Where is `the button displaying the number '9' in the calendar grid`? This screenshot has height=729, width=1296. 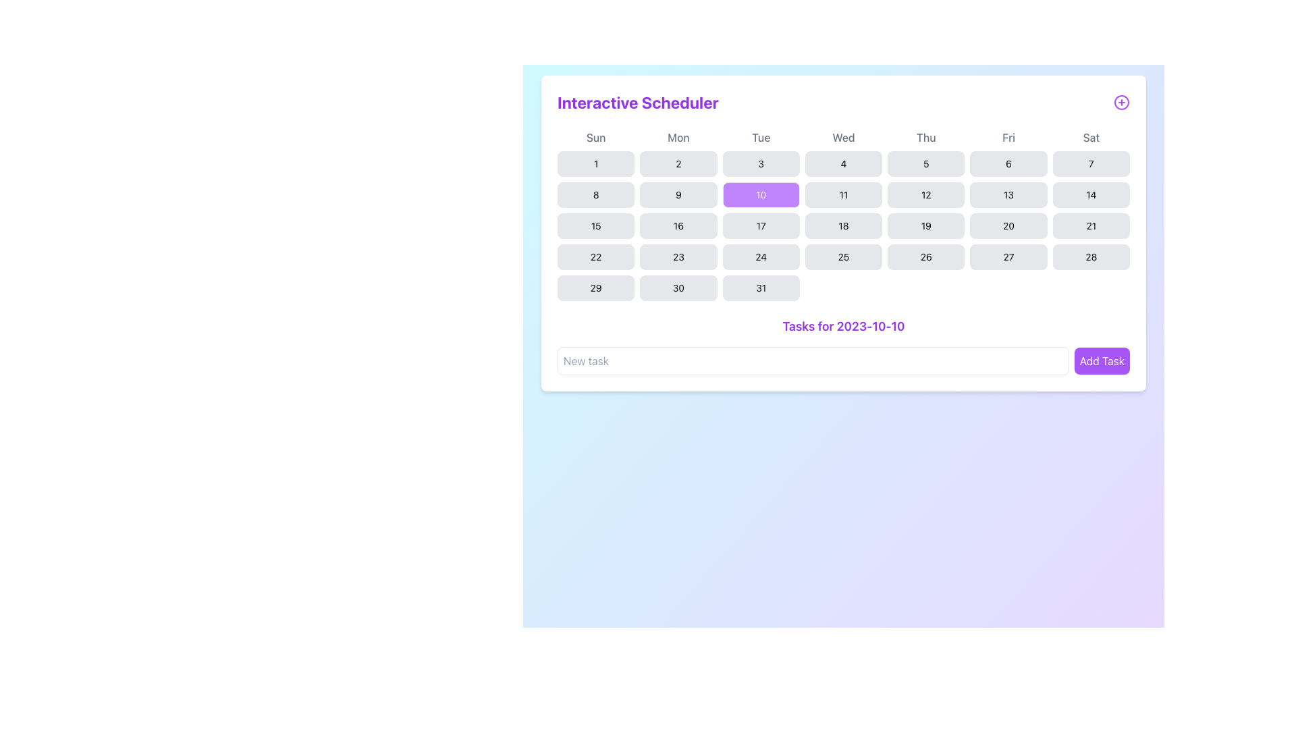
the button displaying the number '9' in the calendar grid is located at coordinates (678, 195).